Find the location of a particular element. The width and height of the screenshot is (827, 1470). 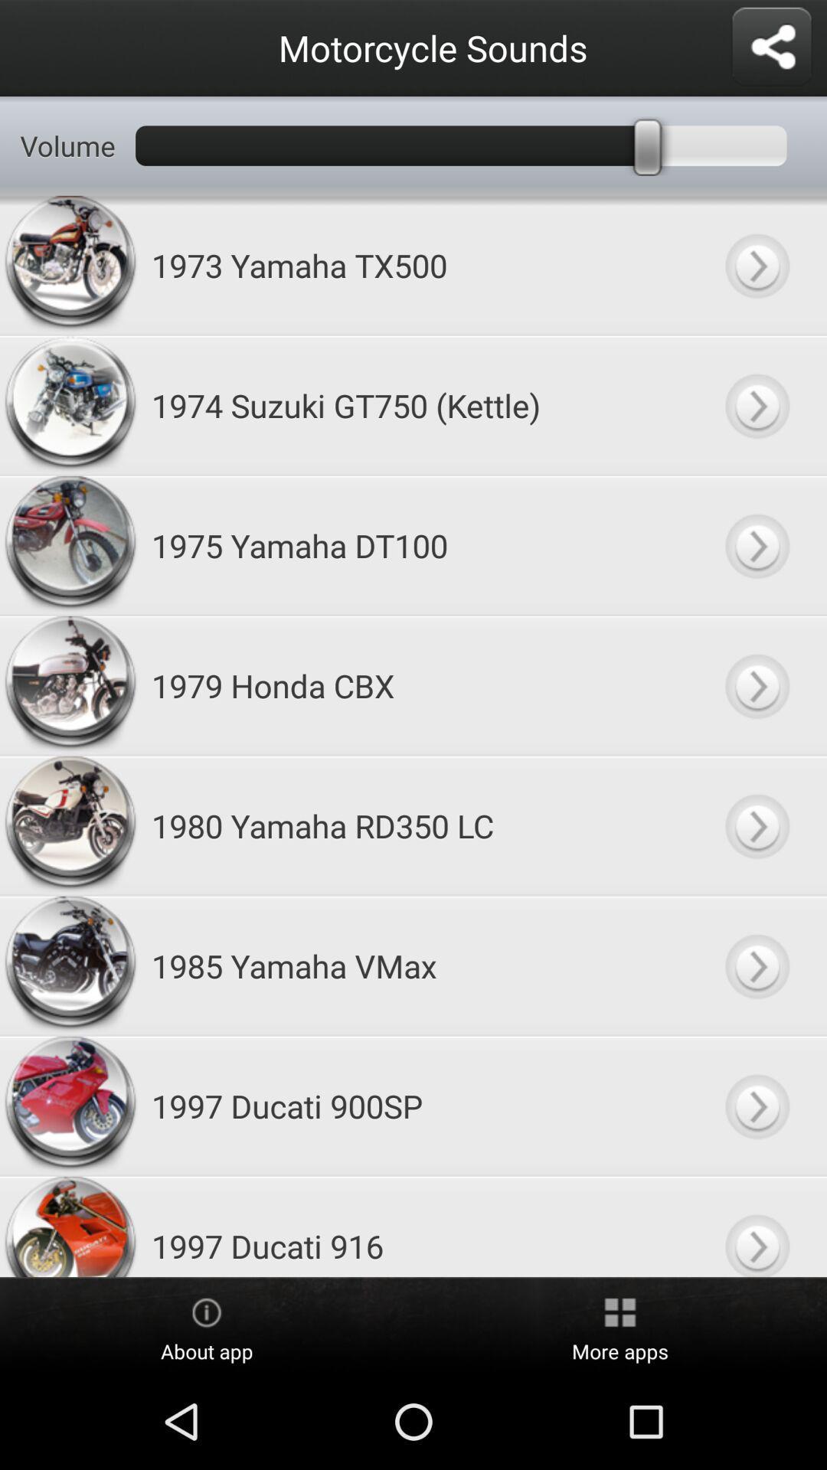

widgets is located at coordinates (771, 47).